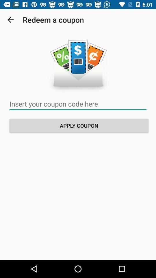  What do you see at coordinates (79, 125) in the screenshot?
I see `the apply coupon icon` at bounding box center [79, 125].